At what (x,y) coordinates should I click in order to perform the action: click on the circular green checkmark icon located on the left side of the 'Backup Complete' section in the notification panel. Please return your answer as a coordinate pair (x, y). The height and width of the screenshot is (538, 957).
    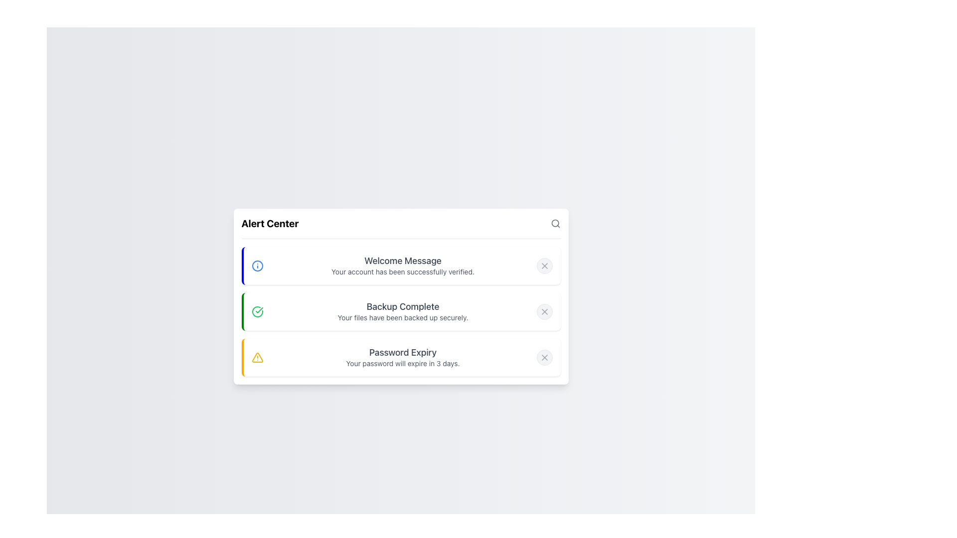
    Looking at the image, I should click on (257, 311).